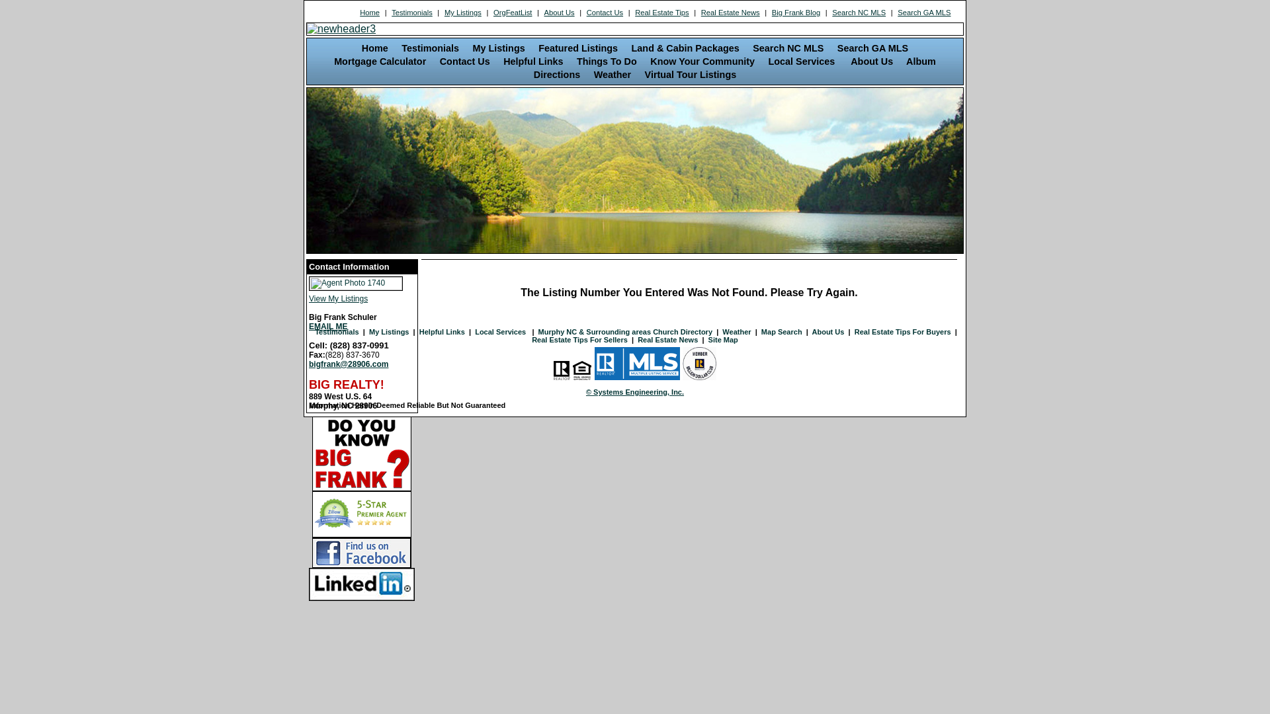 Image resolution: width=1270 pixels, height=714 pixels. I want to click on 'Murphy NC & Surrounding areas Church Directory', so click(624, 331).